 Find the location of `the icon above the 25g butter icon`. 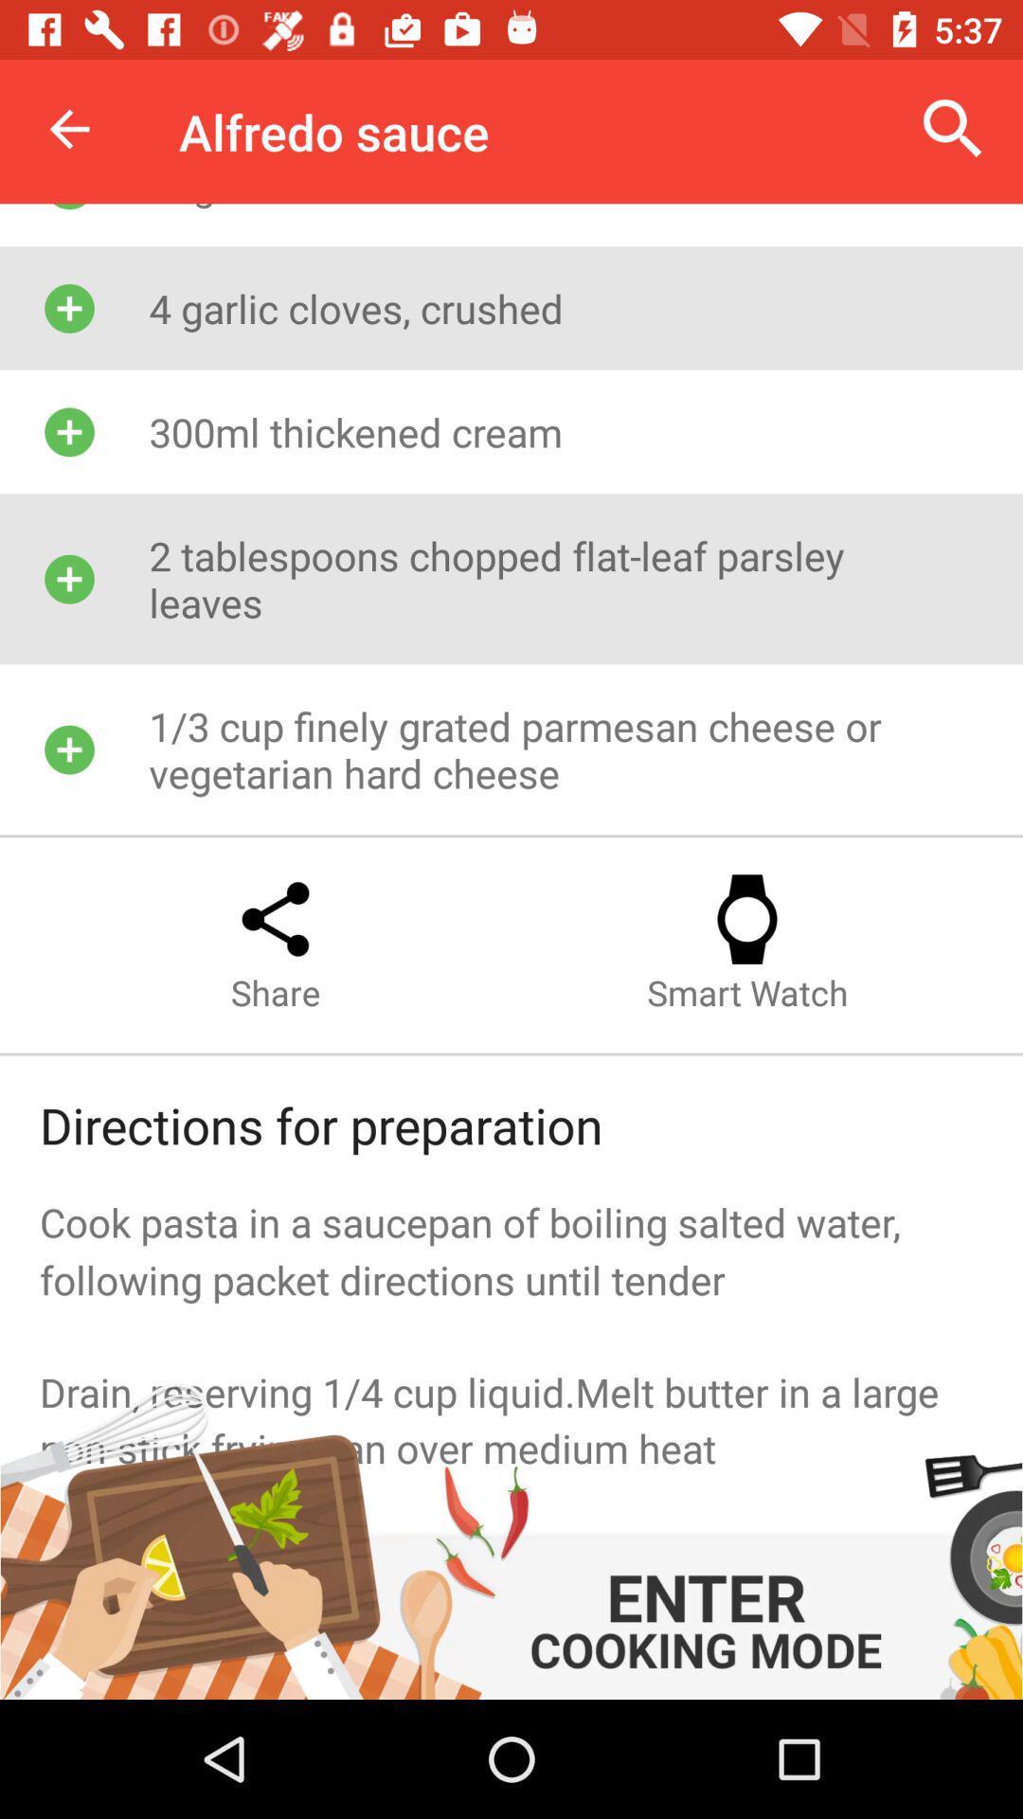

the icon above the 25g butter icon is located at coordinates (953, 128).